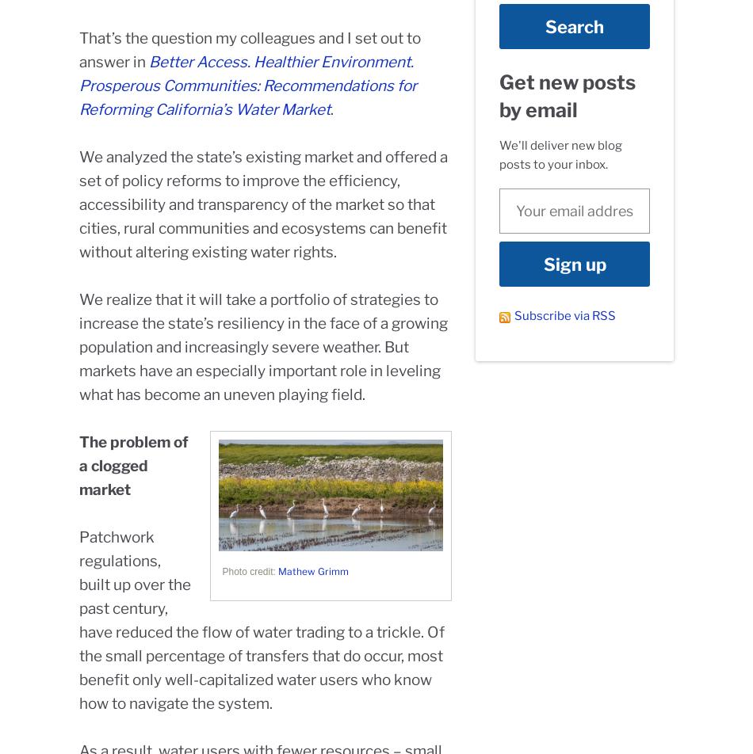  Describe the element at coordinates (621, 612) in the screenshot. I see `'Contact'` at that location.